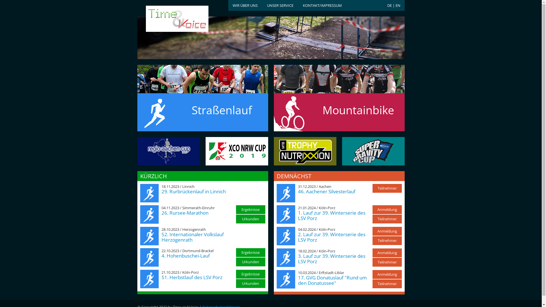 The height and width of the screenshot is (307, 546). What do you see at coordinates (389, 5) in the screenshot?
I see `'DE'` at bounding box center [389, 5].